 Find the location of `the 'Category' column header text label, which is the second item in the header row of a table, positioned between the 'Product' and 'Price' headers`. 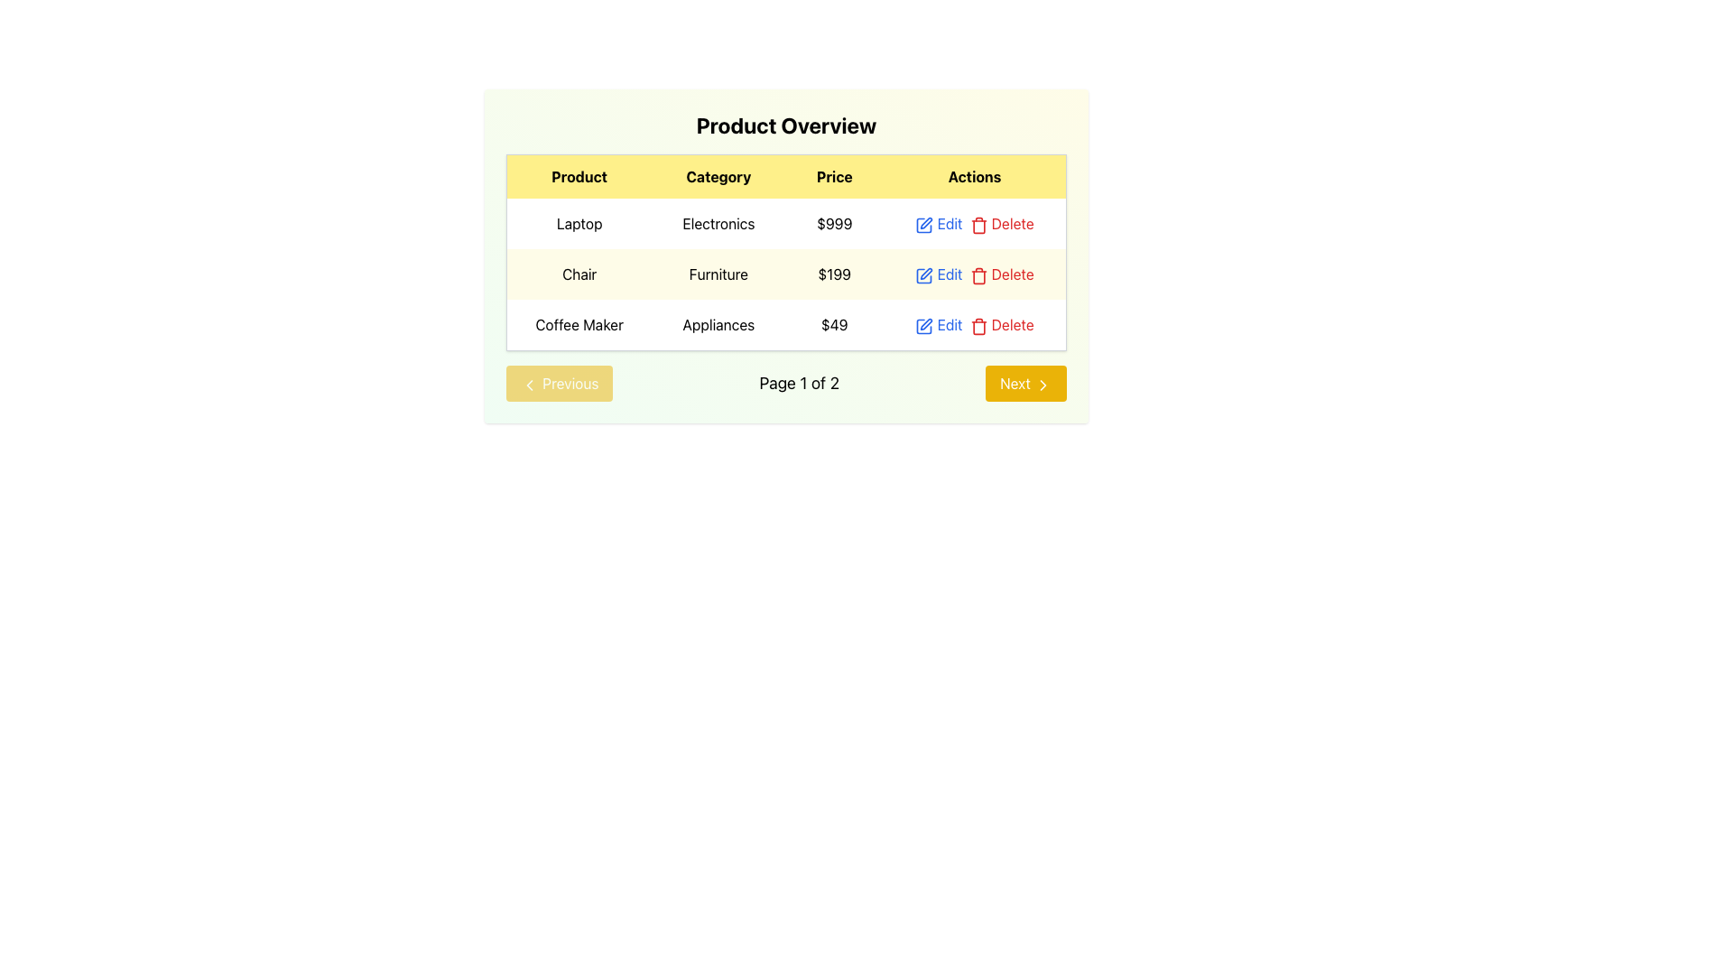

the 'Category' column header text label, which is the second item in the header row of a table, positioned between the 'Product' and 'Price' headers is located at coordinates (718, 176).